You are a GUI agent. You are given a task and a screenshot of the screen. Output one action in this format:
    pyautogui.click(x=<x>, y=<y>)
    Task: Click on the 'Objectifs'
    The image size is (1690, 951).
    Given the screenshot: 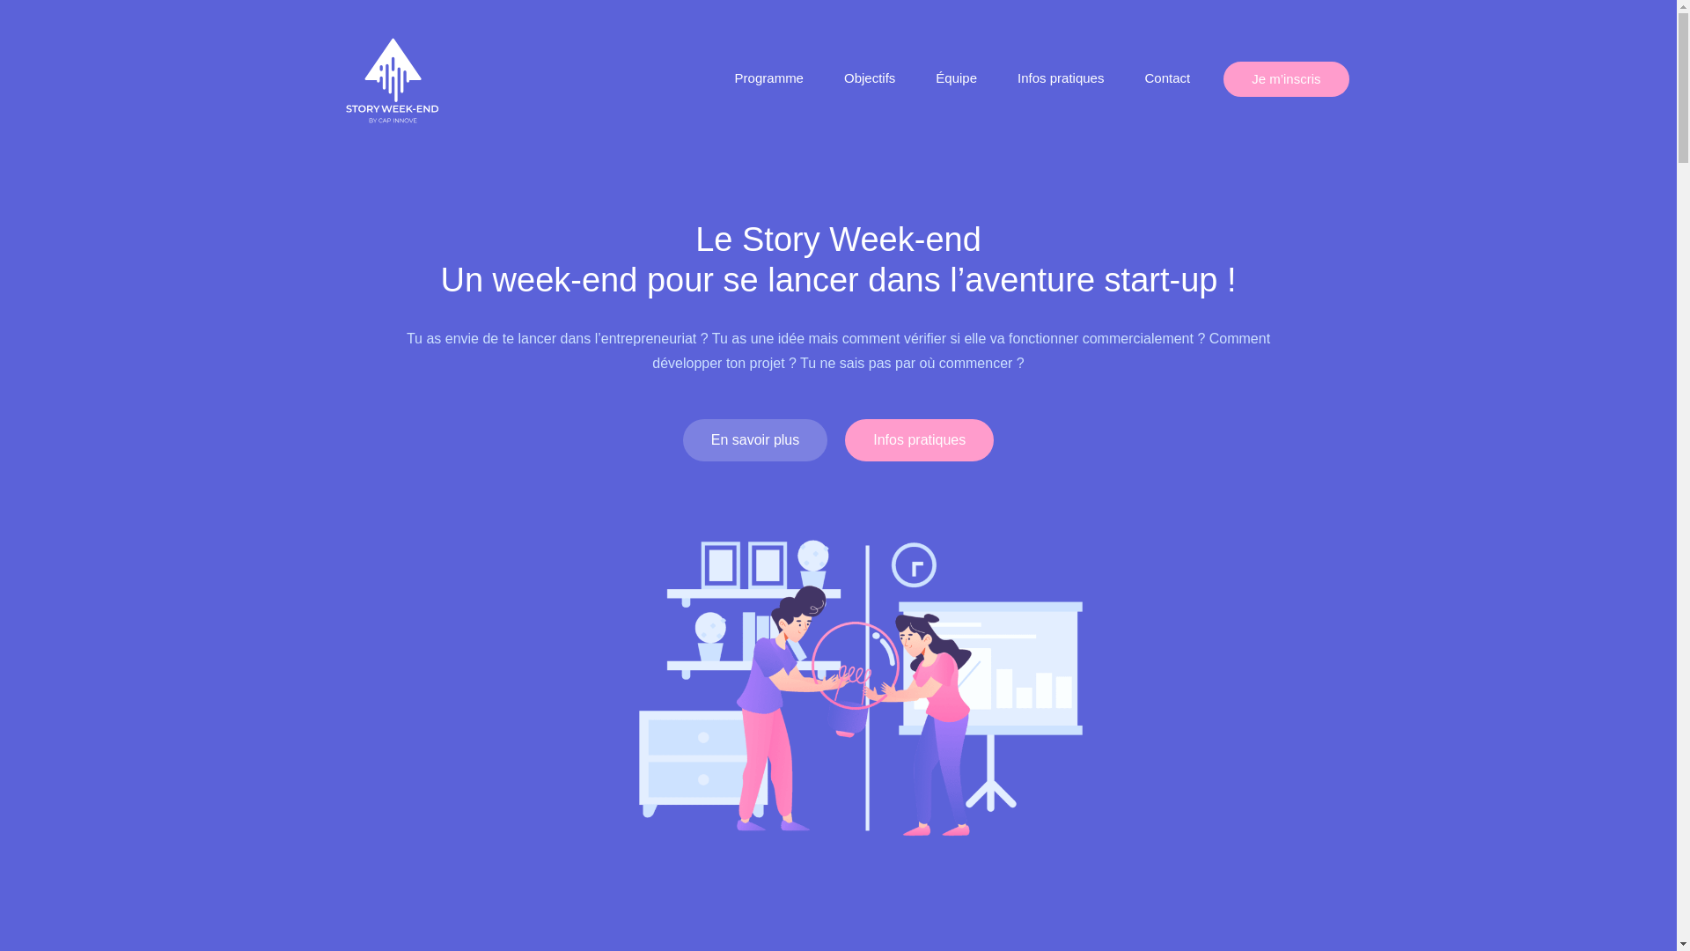 What is the action you would take?
    pyautogui.click(x=835, y=77)
    